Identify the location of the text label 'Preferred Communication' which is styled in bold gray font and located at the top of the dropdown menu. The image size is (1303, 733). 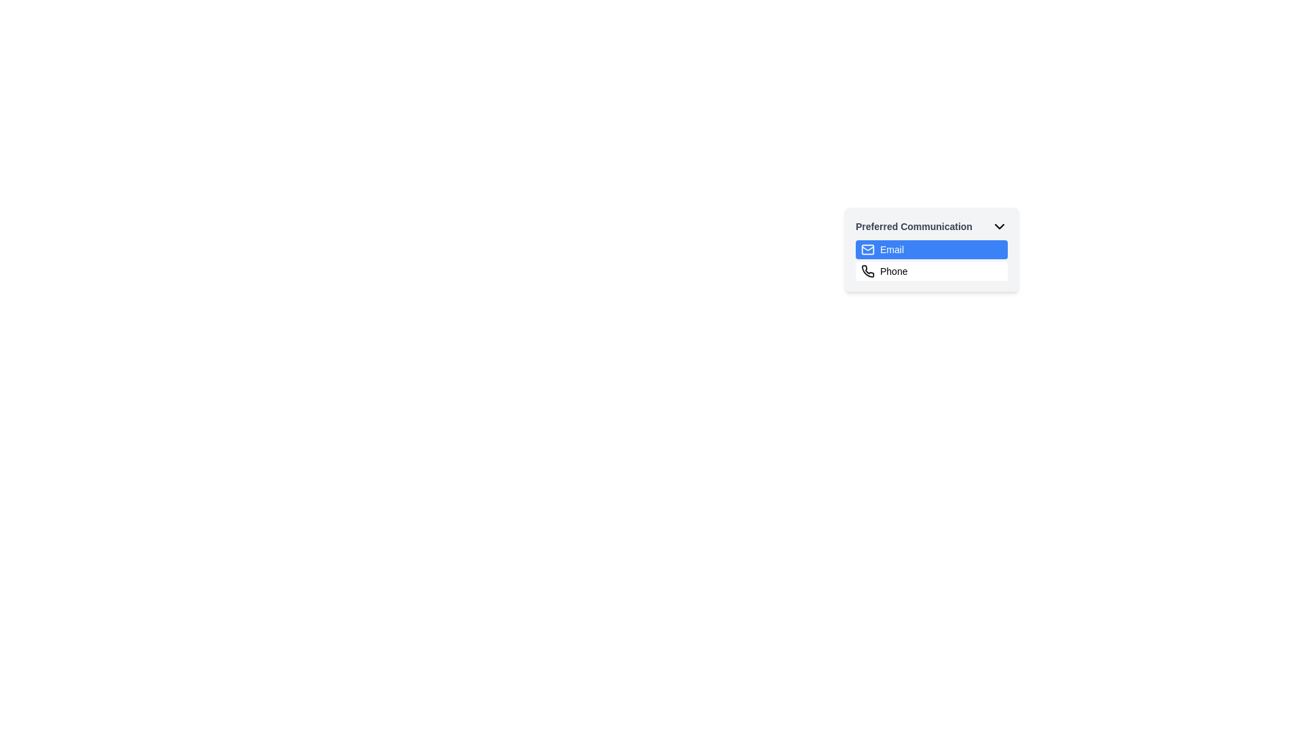
(913, 226).